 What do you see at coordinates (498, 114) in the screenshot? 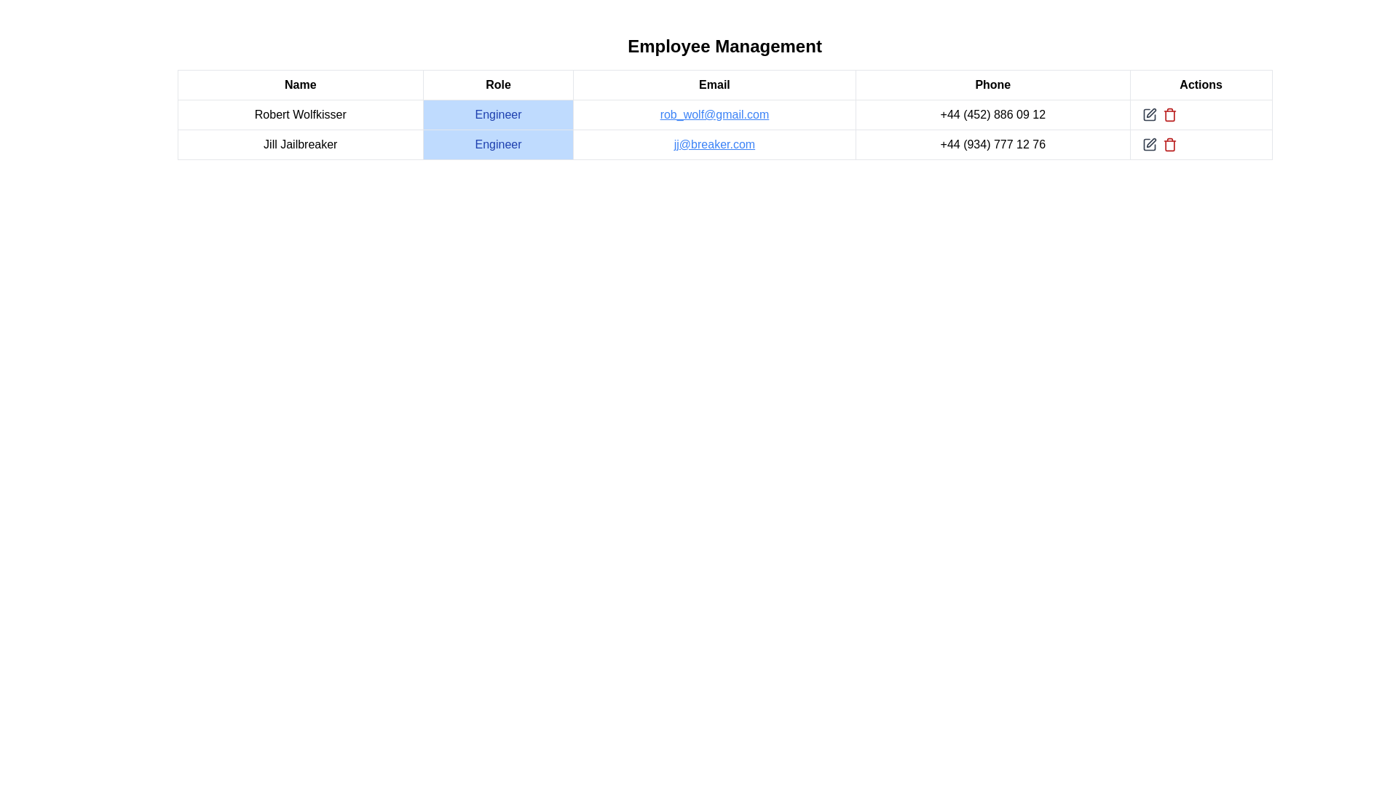
I see `the text label 'Engineer' located in the second column of the first row in the table, which has a light blue background and blue text` at bounding box center [498, 114].